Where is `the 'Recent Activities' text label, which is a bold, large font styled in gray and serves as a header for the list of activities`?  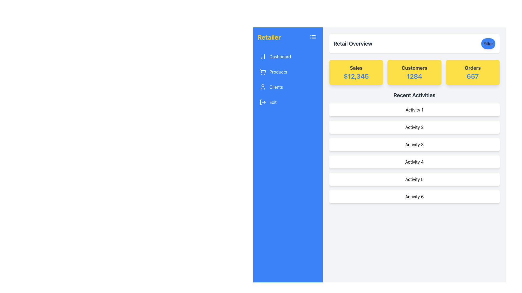 the 'Recent Activities' text label, which is a bold, large font styled in gray and serves as a header for the list of activities is located at coordinates (414, 95).